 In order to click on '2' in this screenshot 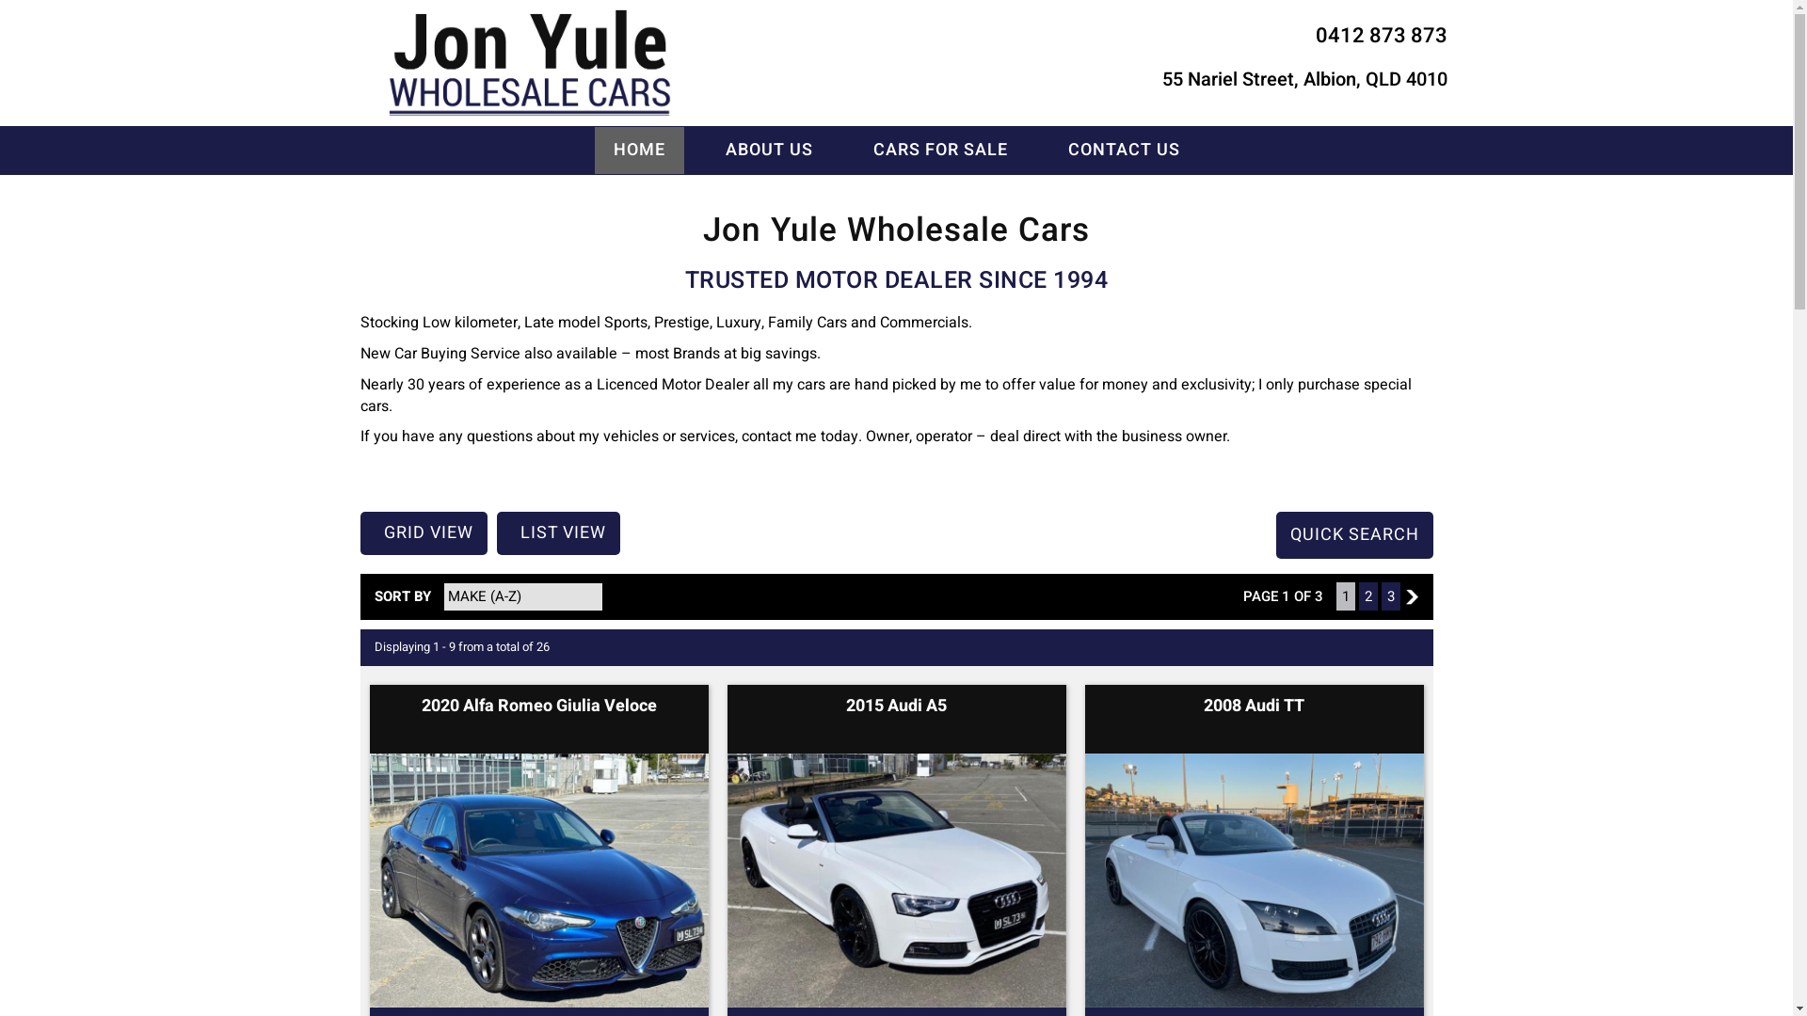, I will do `click(1368, 595)`.